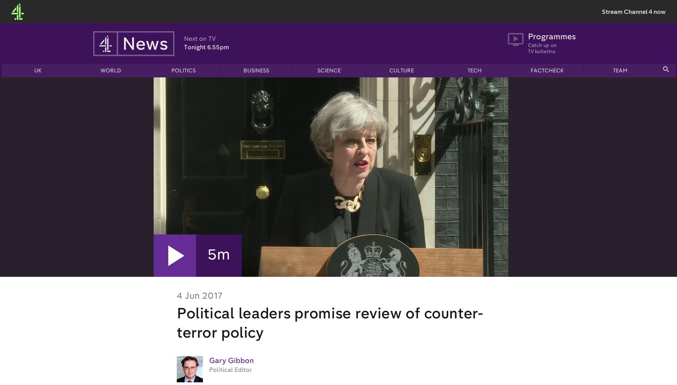  Describe the element at coordinates (230, 370) in the screenshot. I see `'Political Editor'` at that location.